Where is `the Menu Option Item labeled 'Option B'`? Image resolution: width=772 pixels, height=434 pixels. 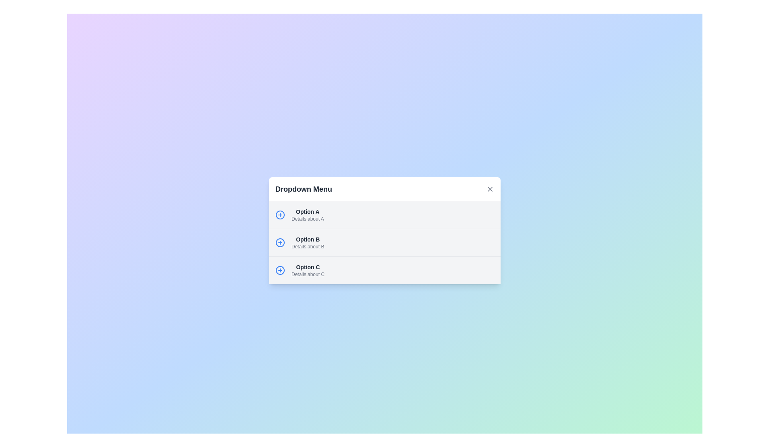
the Menu Option Item labeled 'Option B' is located at coordinates (307, 242).